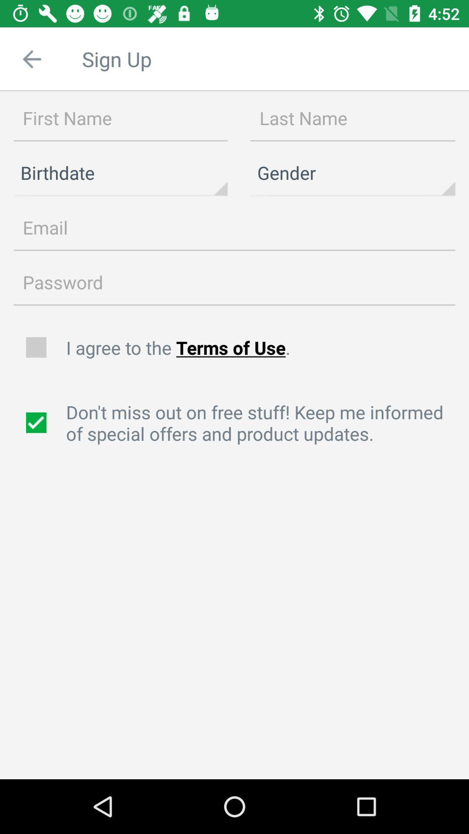 The width and height of the screenshot is (469, 834). I want to click on agree to terms of use, so click(37, 347).